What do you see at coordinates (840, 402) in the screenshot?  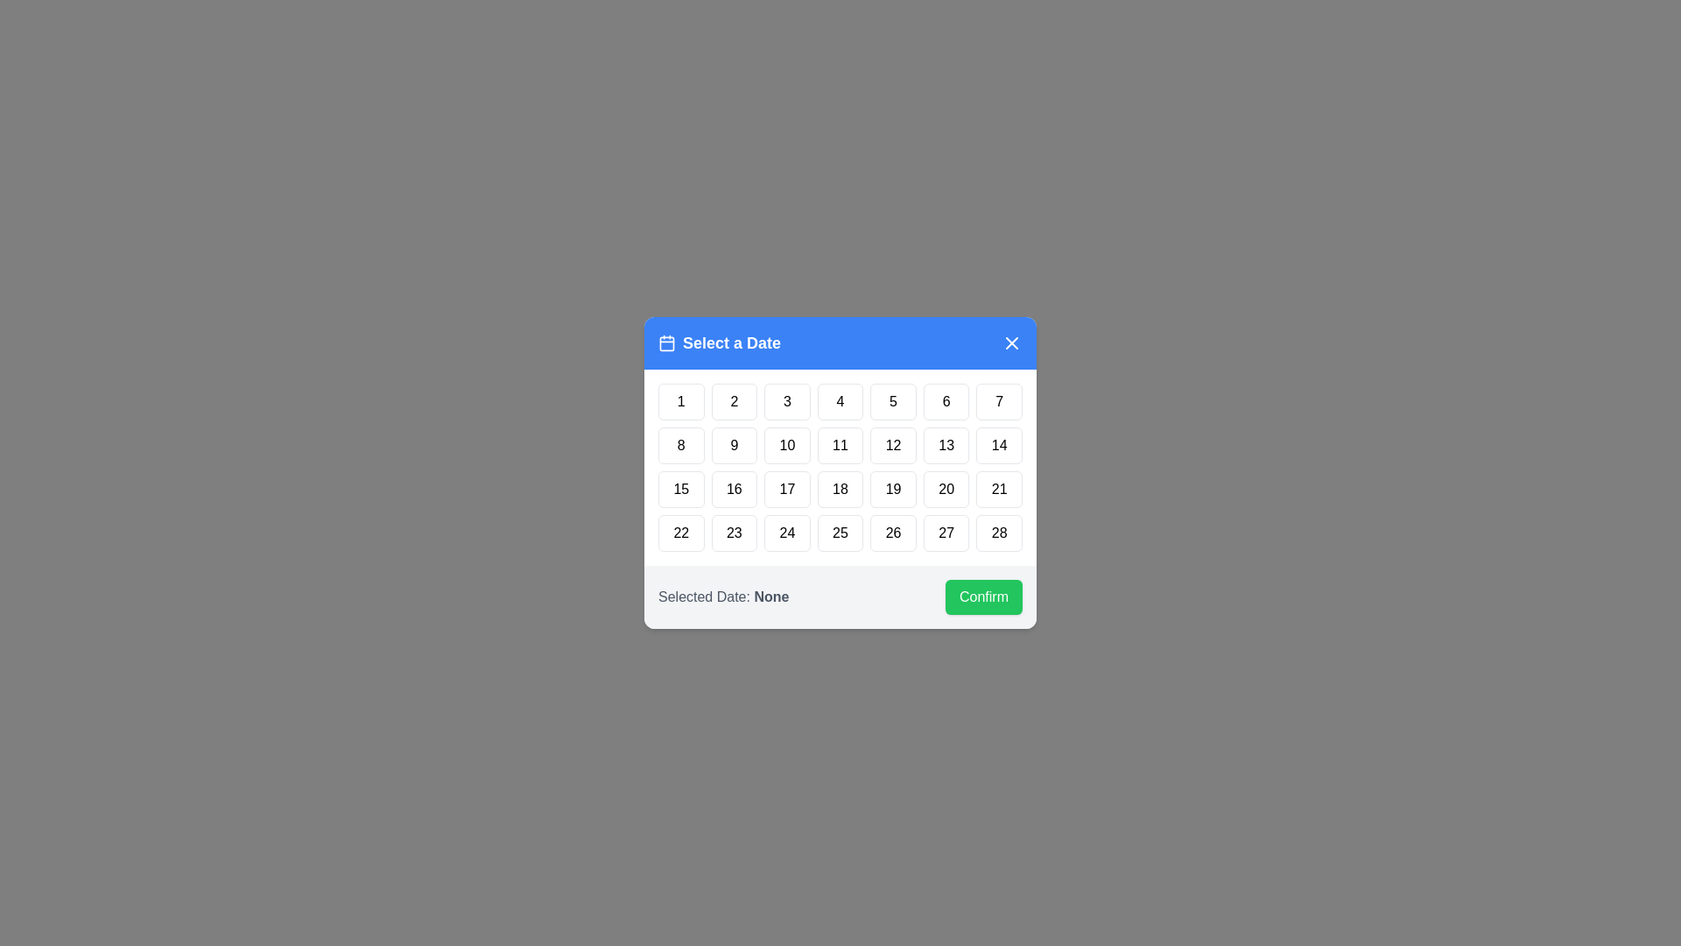 I see `the button representing the day 4 to select that date` at bounding box center [840, 402].